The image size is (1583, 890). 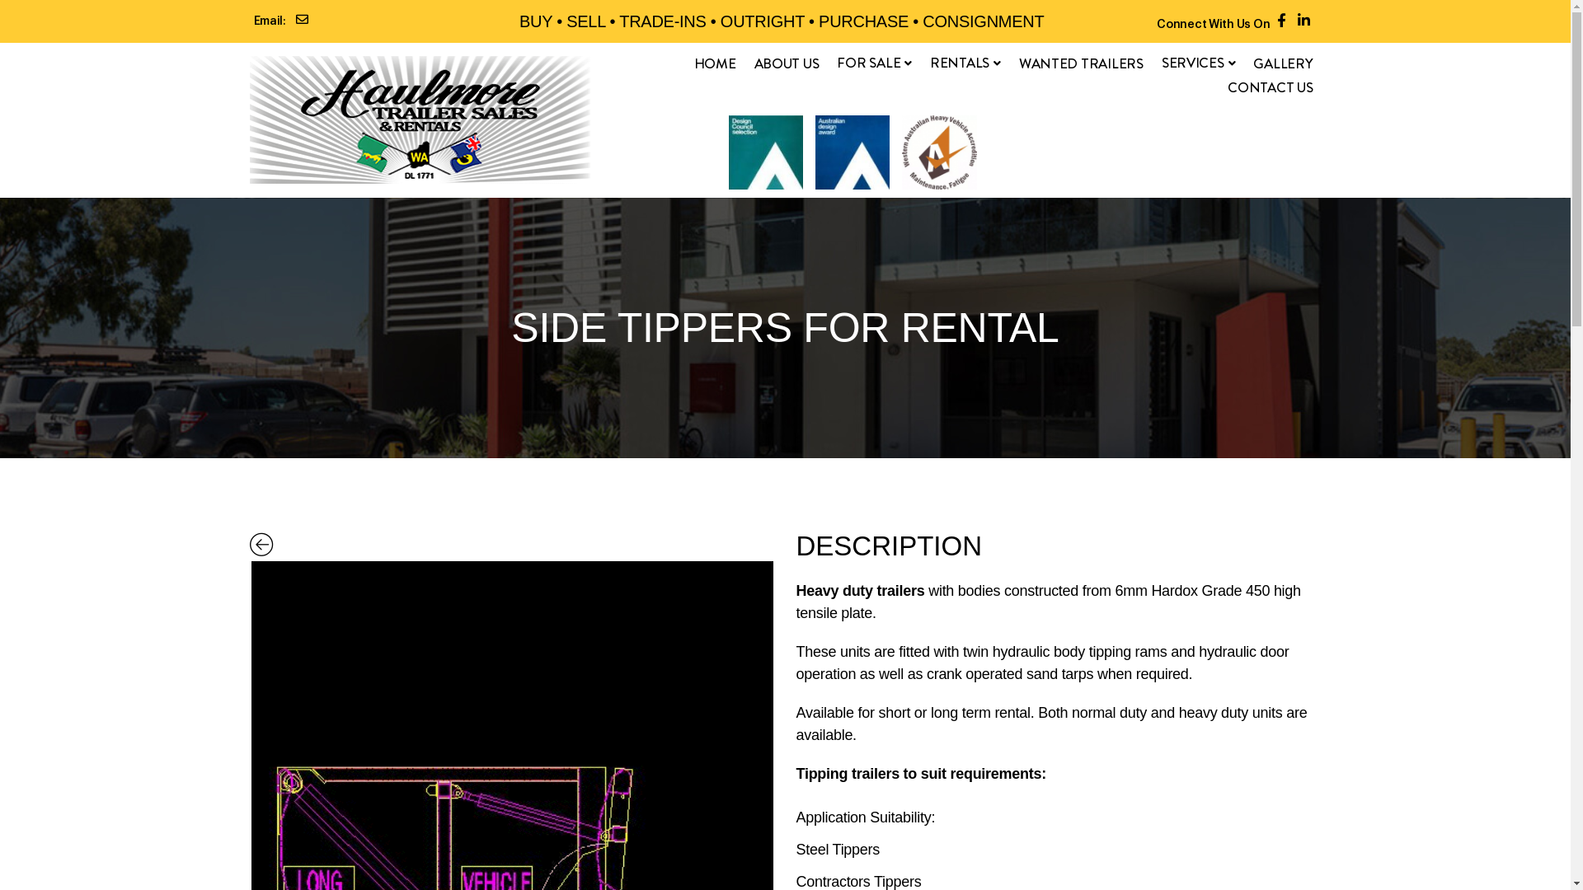 What do you see at coordinates (1199, 63) in the screenshot?
I see `'SERVICES'` at bounding box center [1199, 63].